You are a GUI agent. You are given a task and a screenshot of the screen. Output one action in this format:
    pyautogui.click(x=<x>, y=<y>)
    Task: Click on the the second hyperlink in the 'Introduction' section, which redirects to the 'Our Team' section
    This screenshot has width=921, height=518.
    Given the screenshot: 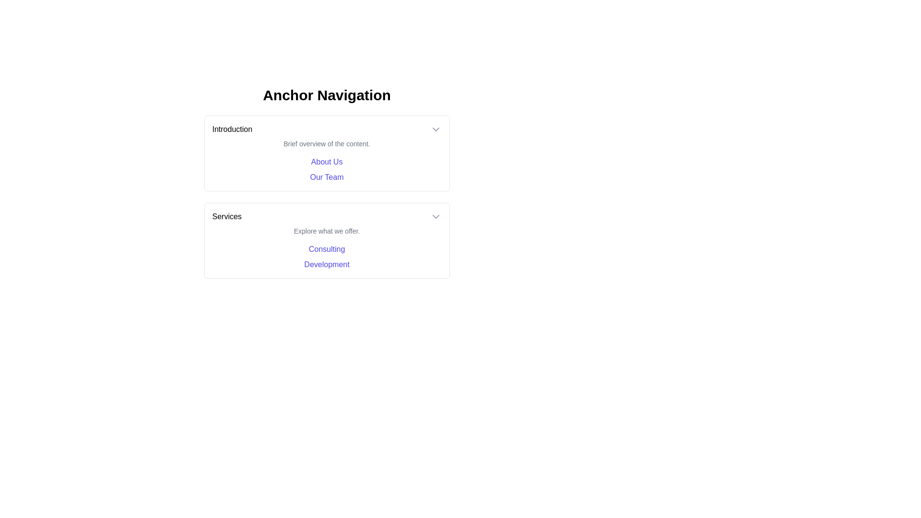 What is the action you would take?
    pyautogui.click(x=327, y=177)
    